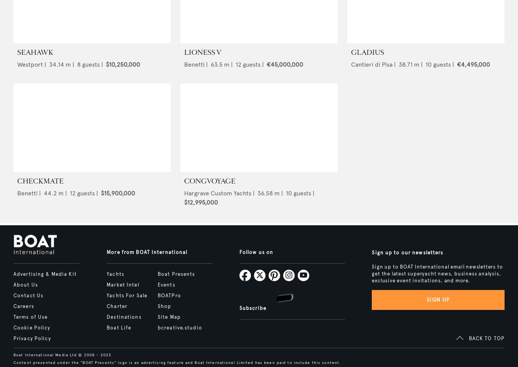 The height and width of the screenshot is (367, 518). What do you see at coordinates (118, 327) in the screenshot?
I see `'Boat Life'` at bounding box center [118, 327].